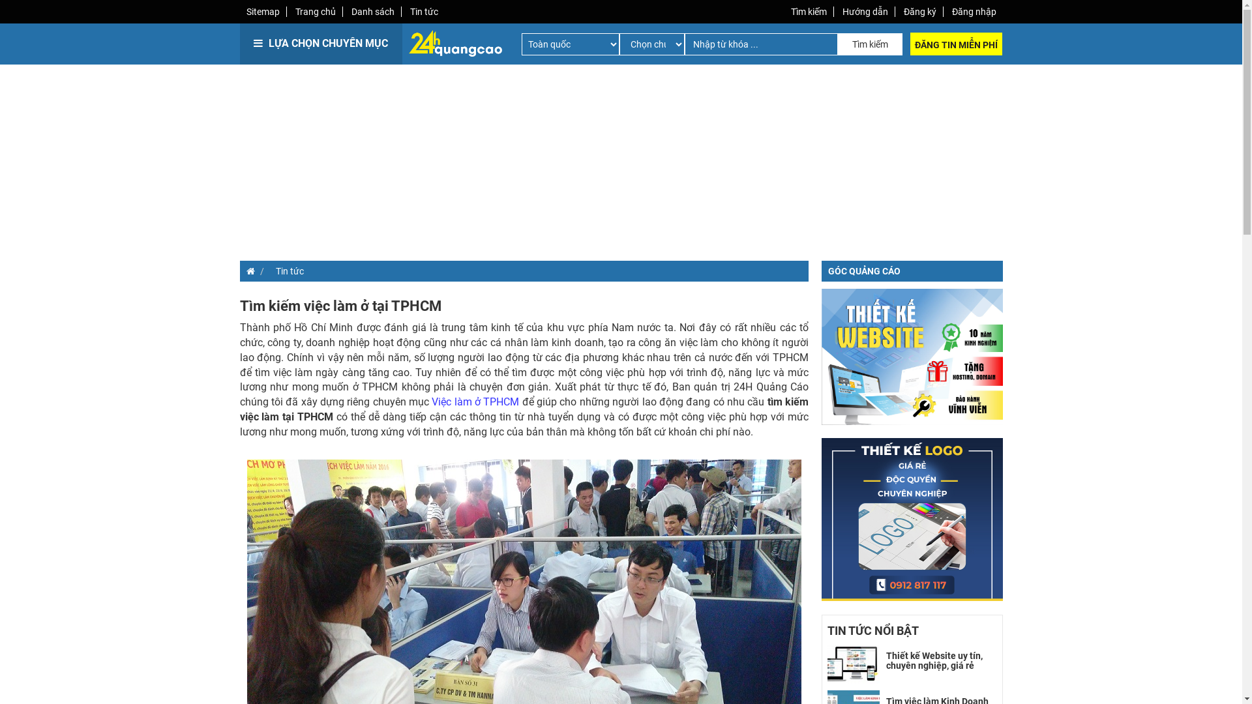 The height and width of the screenshot is (704, 1252). I want to click on 'Sitemap', so click(262, 12).